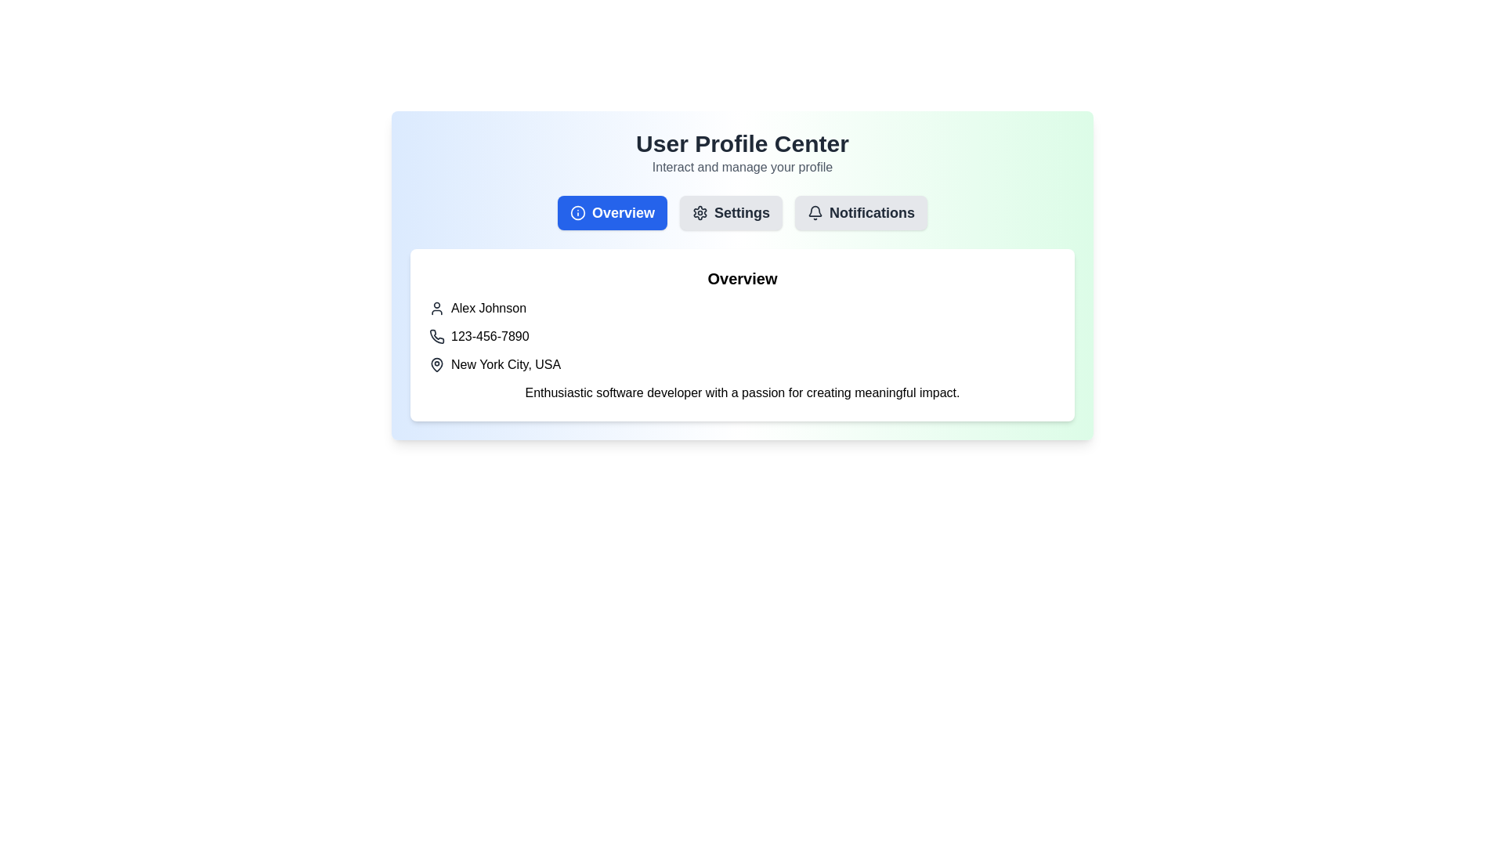 Image resolution: width=1504 pixels, height=846 pixels. What do you see at coordinates (871, 213) in the screenshot?
I see `the 'Notifications' button, which is the rightmost element in the horizontal navigation menu, indicating a navigational option for notifications` at bounding box center [871, 213].